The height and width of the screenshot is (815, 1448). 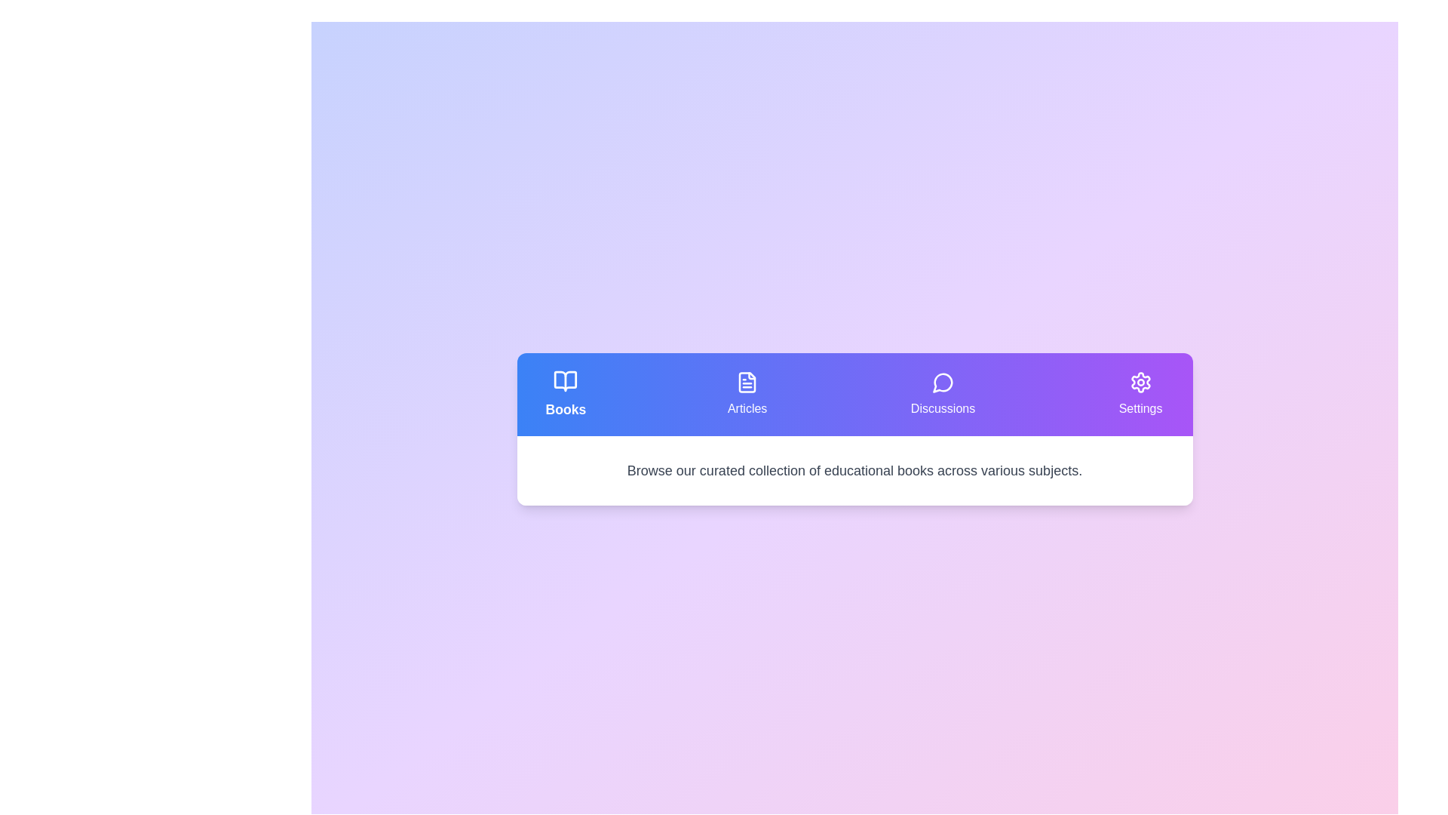 I want to click on the Discussions tab, so click(x=942, y=394).